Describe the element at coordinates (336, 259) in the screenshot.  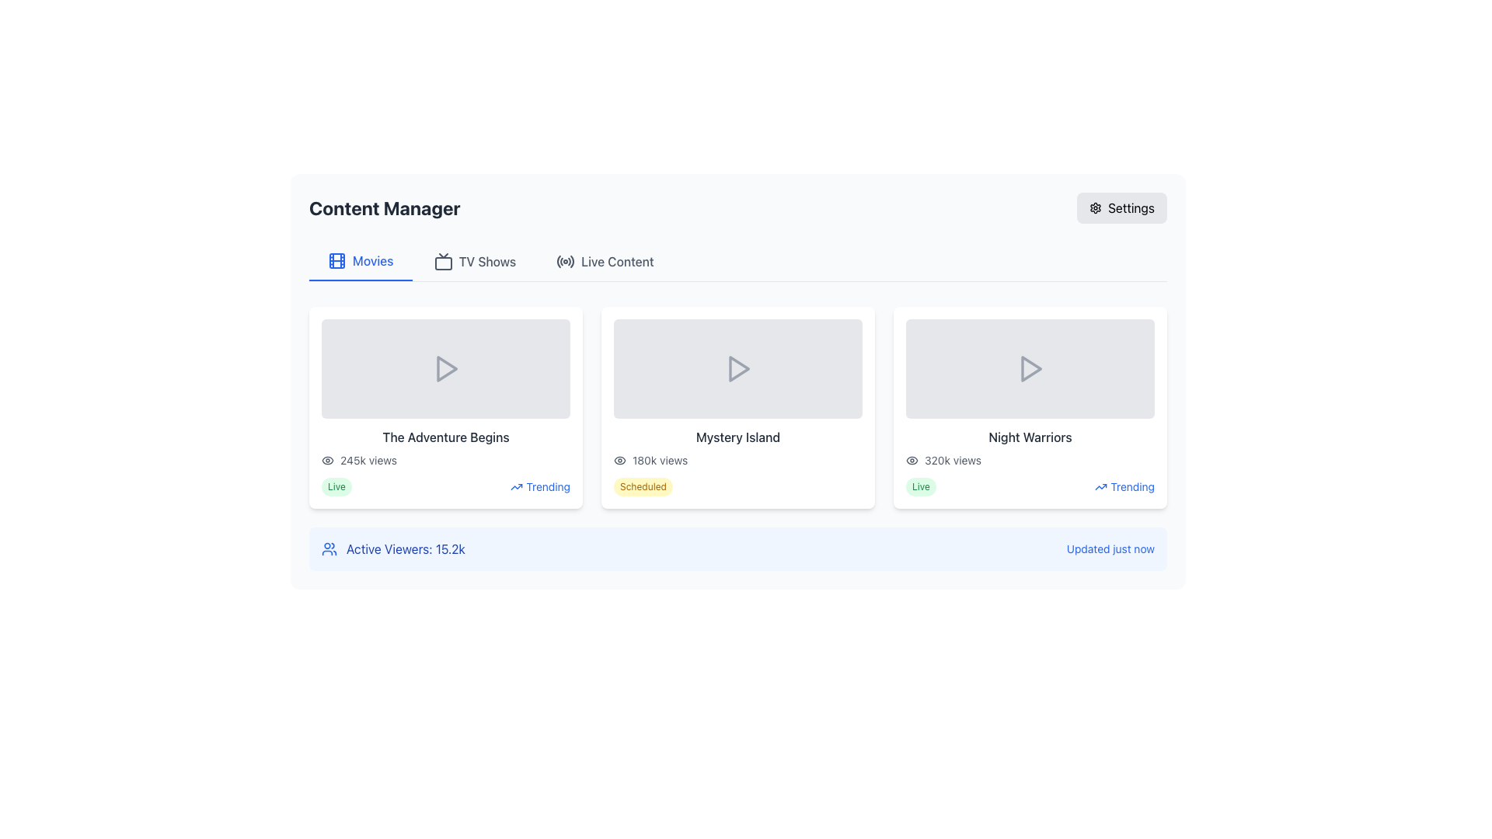
I see `the 'Movies' tab button, which contains an SVG icon indicating movie-related content, located in the top-left section of the interface` at that location.